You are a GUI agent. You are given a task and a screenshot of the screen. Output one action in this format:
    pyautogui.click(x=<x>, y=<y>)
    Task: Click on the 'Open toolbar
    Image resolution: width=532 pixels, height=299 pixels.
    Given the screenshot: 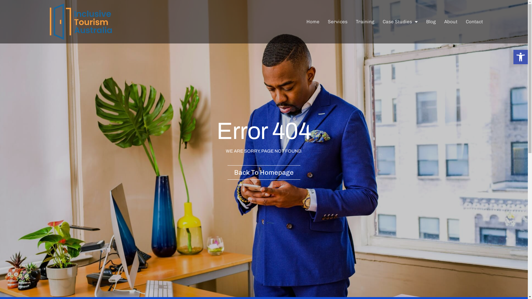 What is the action you would take?
    pyautogui.click(x=513, y=57)
    